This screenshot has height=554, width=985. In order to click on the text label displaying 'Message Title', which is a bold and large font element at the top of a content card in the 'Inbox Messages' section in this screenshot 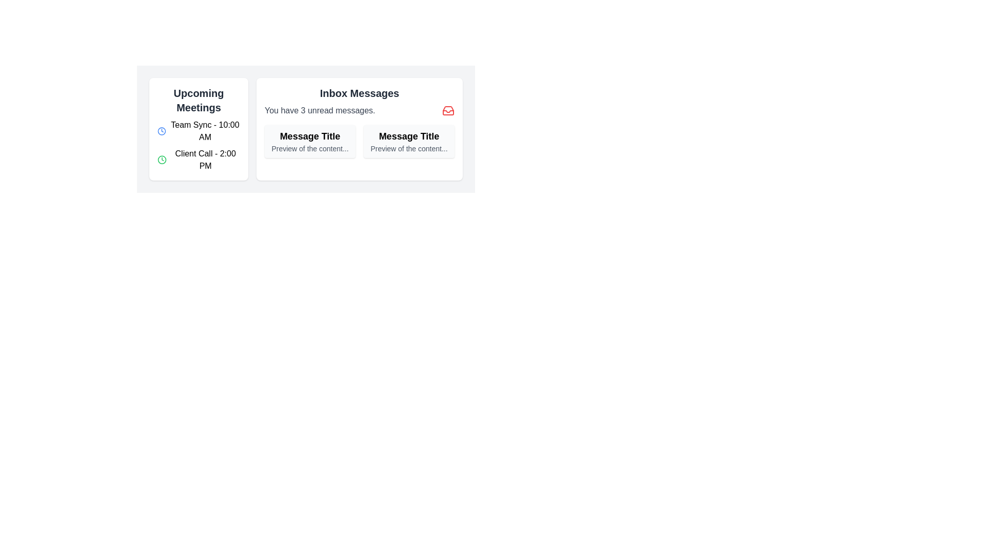, I will do `click(408, 136)`.